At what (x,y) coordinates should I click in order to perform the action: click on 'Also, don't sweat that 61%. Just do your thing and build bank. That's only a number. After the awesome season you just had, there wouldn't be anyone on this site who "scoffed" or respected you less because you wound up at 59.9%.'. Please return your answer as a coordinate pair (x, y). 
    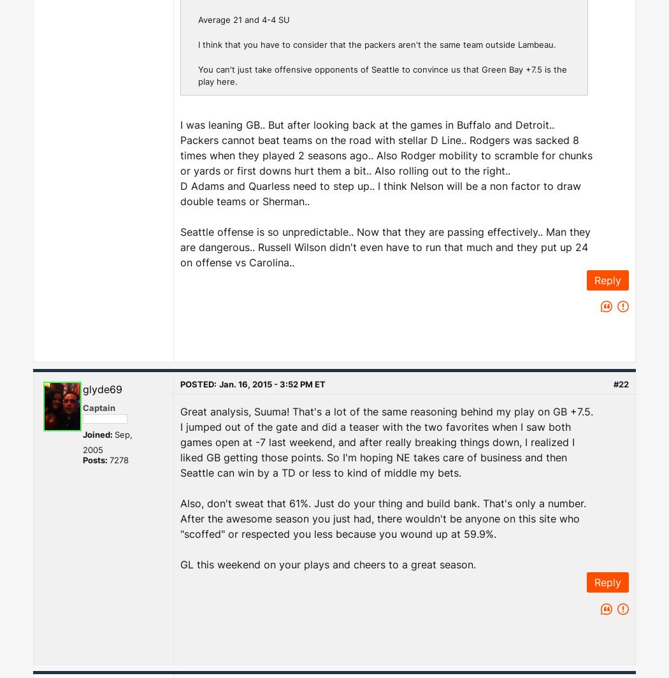
    Looking at the image, I should click on (383, 518).